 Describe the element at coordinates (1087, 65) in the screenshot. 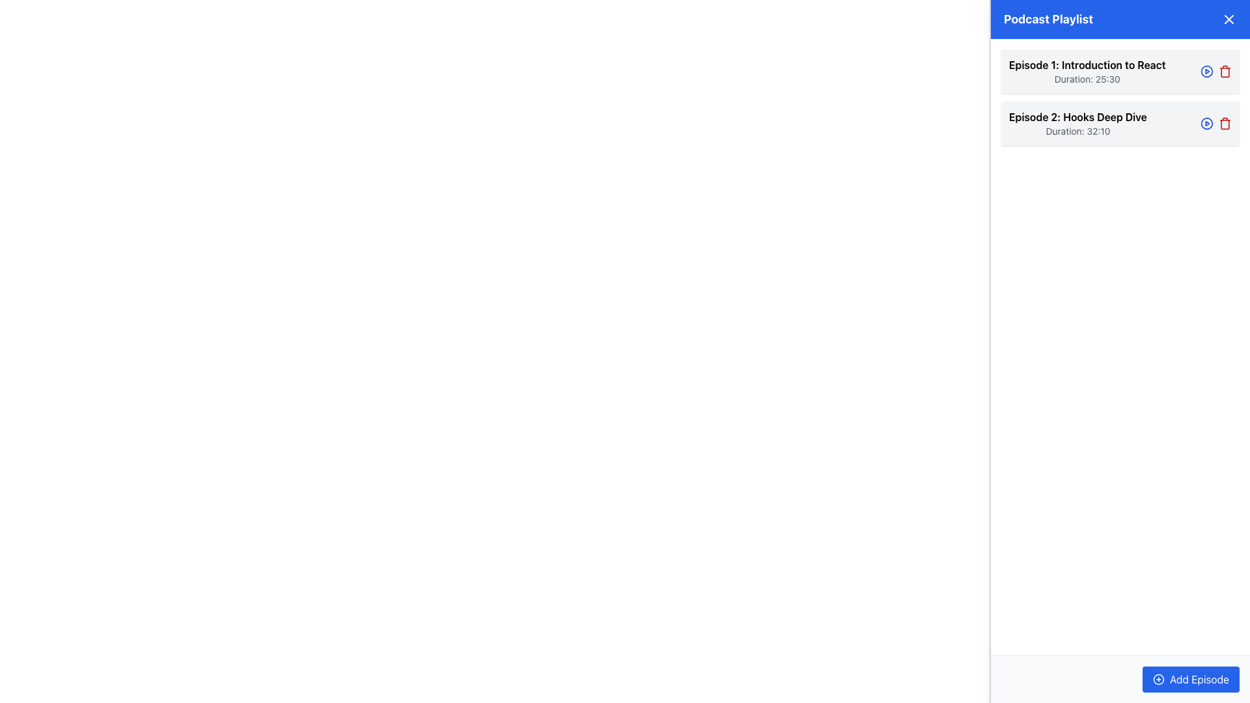

I see `the text label displaying 'Episode 1: Introduction to React' located in the playlist panel with a blue header labeled 'Podcast Playlist'. This text is the title of the first episode in the list, positioned above 'Duration: 25:30'` at that location.